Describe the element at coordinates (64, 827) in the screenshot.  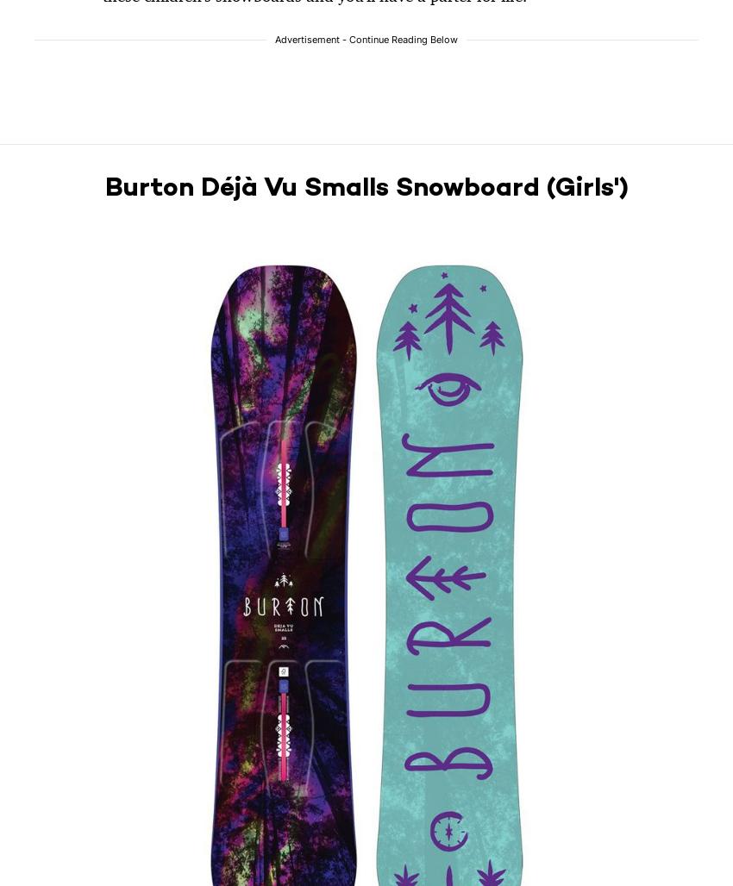
I see `'Contact Us'` at that location.